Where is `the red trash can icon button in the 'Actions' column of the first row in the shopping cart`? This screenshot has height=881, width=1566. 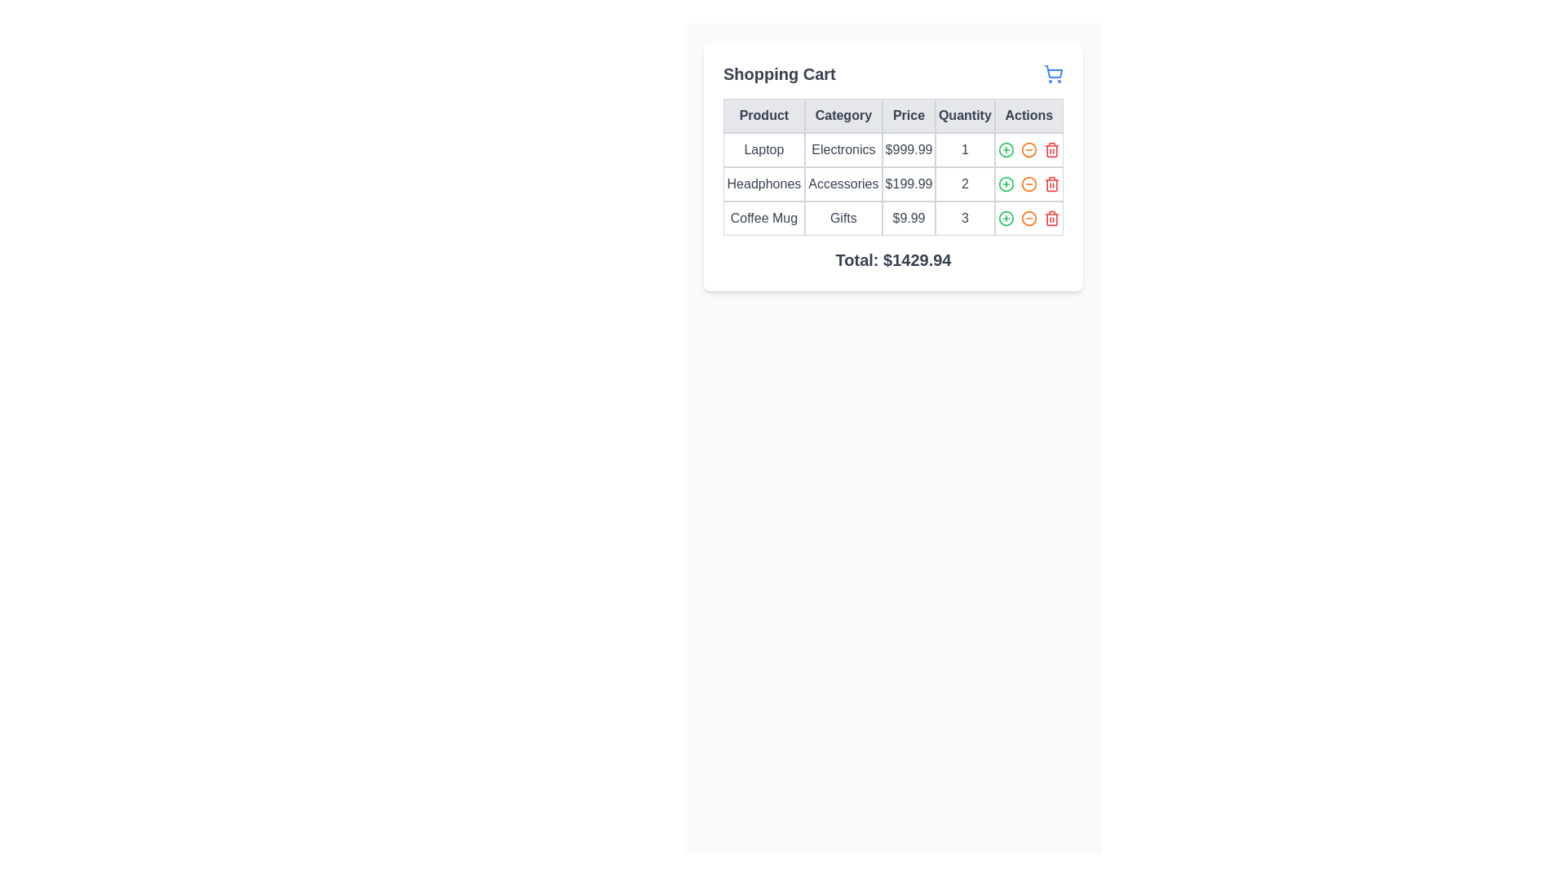
the red trash can icon button in the 'Actions' column of the first row in the shopping cart is located at coordinates (1051, 150).